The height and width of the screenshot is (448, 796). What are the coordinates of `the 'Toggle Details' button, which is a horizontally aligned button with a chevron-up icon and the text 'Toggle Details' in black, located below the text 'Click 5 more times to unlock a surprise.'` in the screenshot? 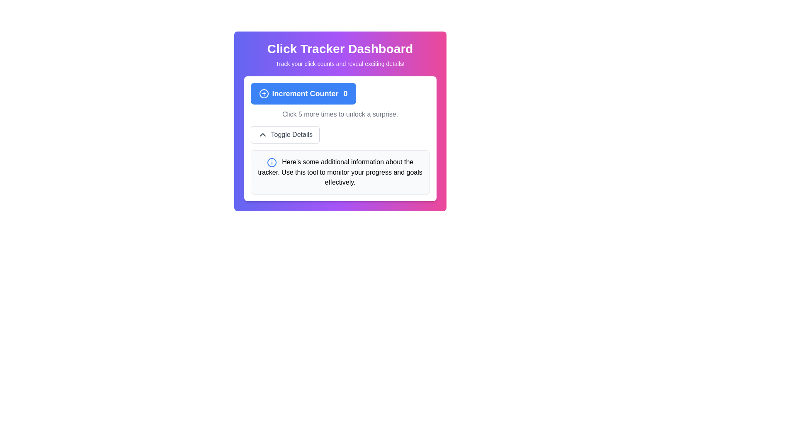 It's located at (285, 134).